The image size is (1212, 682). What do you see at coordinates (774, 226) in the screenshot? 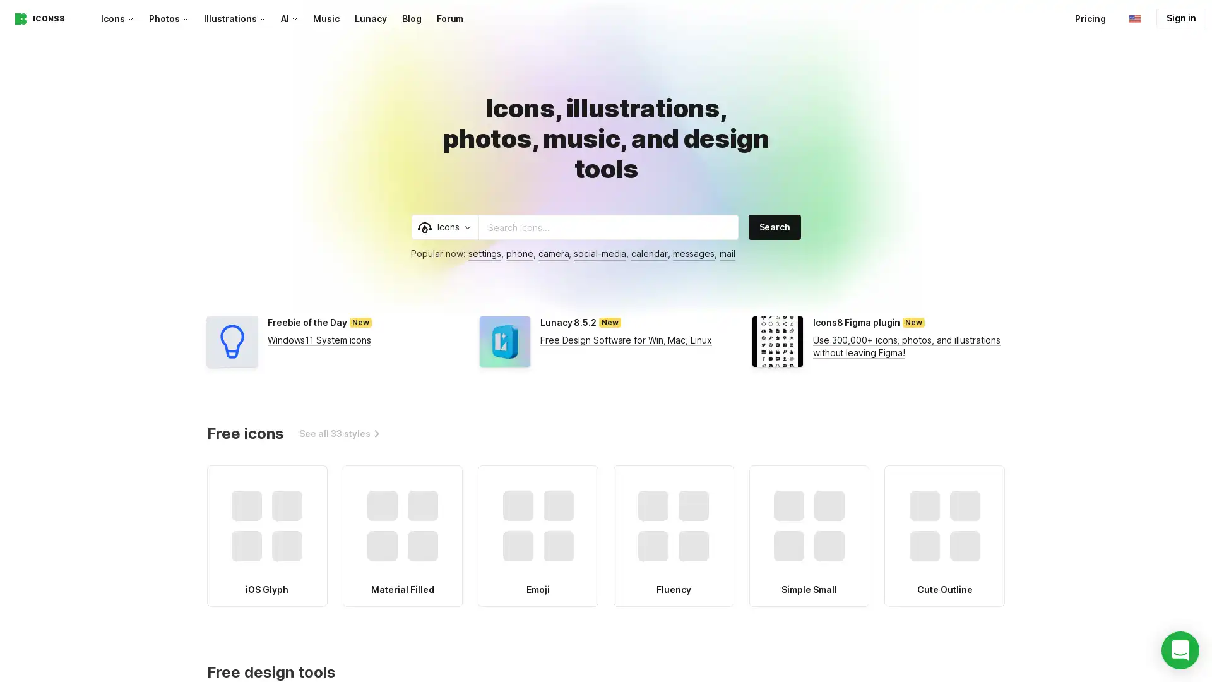
I see `Search` at bounding box center [774, 226].